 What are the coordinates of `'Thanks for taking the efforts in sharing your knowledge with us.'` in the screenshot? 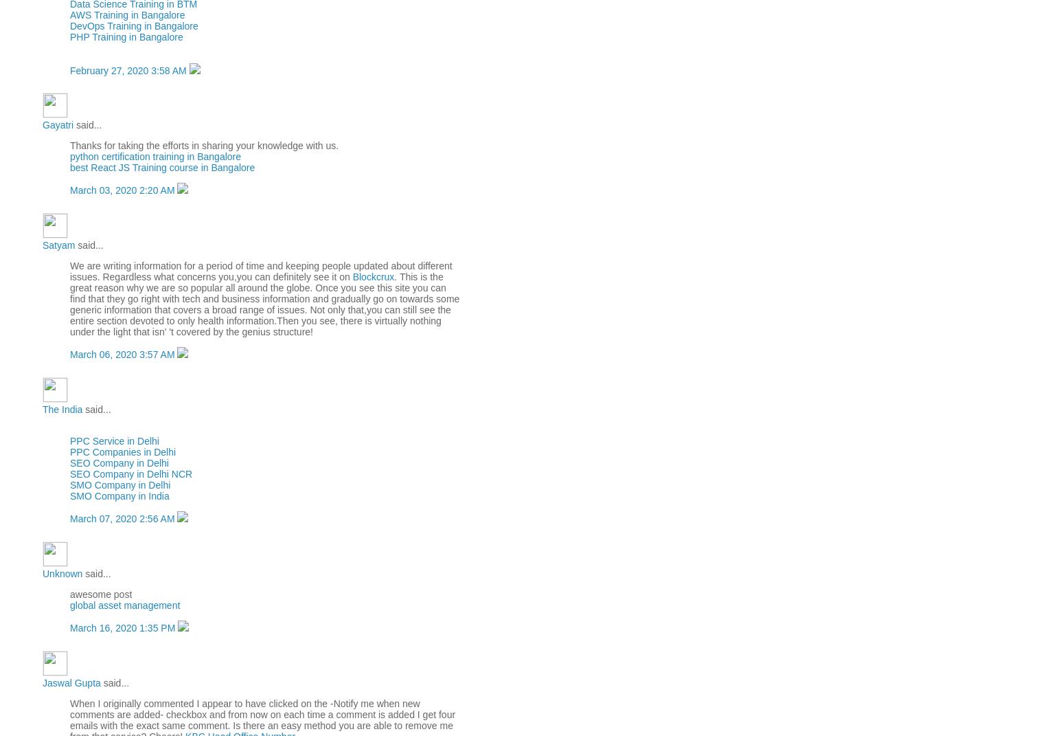 It's located at (204, 144).